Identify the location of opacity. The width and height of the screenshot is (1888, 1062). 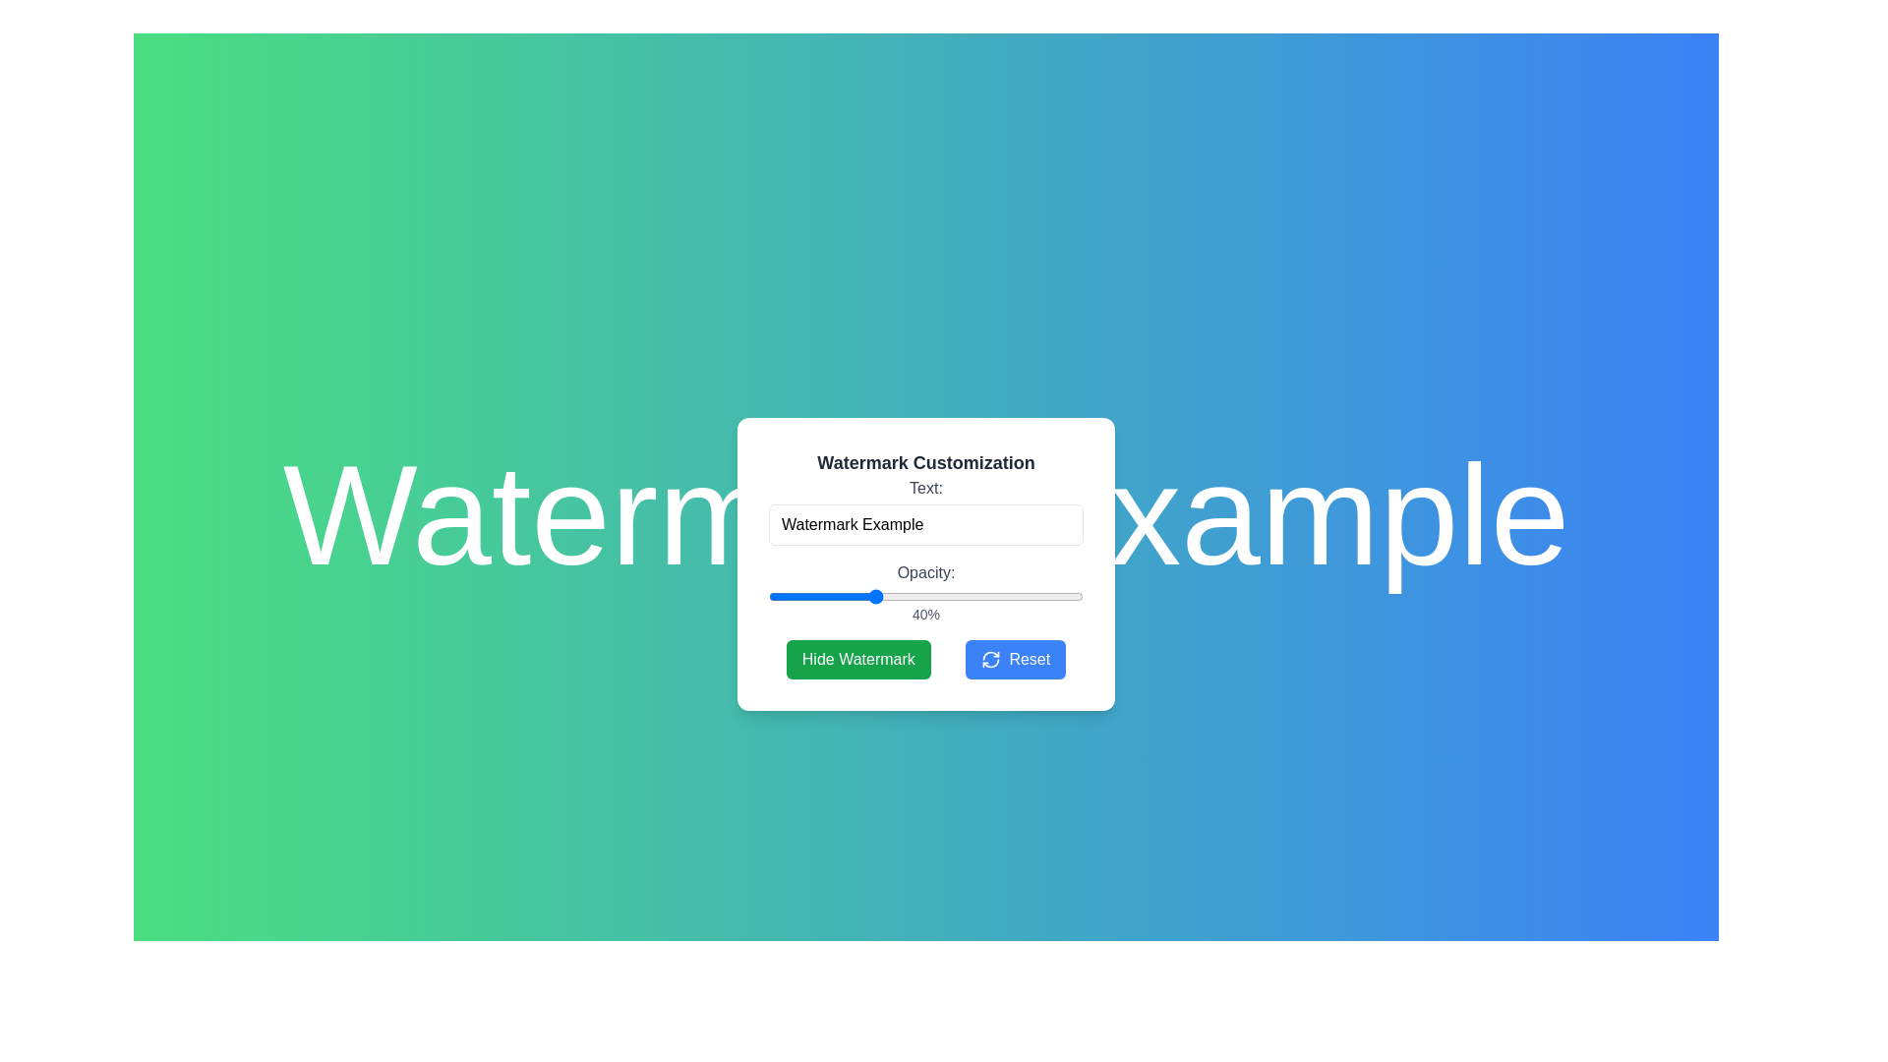
(1065, 595).